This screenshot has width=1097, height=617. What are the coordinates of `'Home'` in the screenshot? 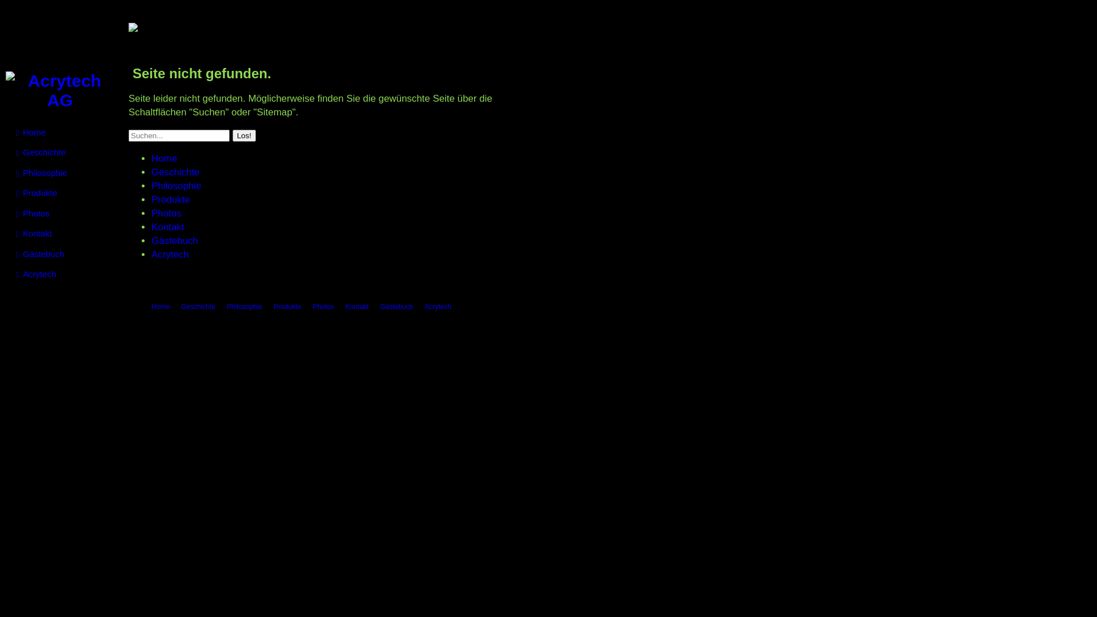 It's located at (160, 306).